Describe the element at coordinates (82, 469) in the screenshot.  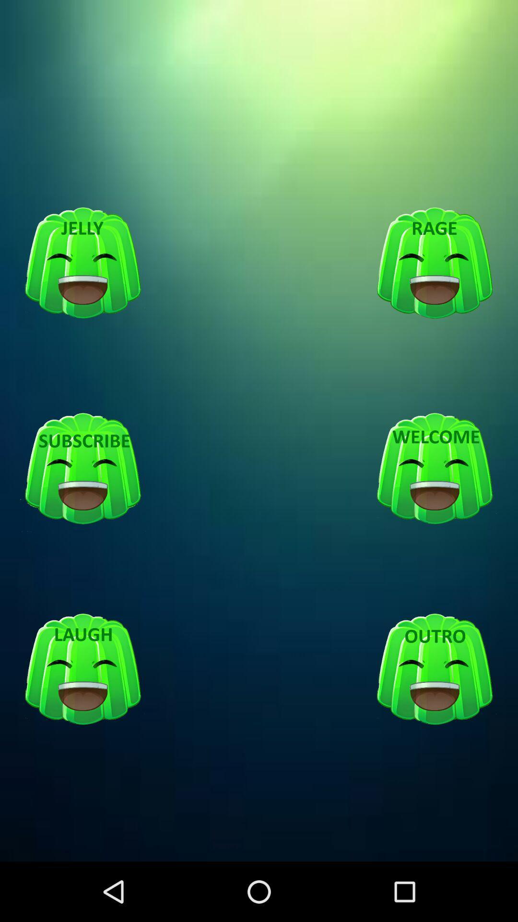
I see `the icon on the left` at that location.